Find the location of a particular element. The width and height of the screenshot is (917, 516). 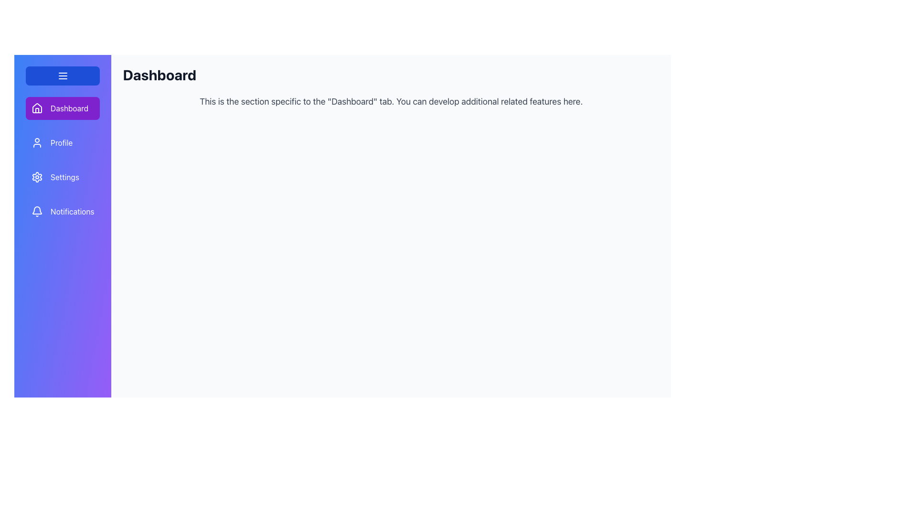

the notification icon located on the left sidebar, directly to the left of the 'Notifications' text label is located at coordinates (37, 211).